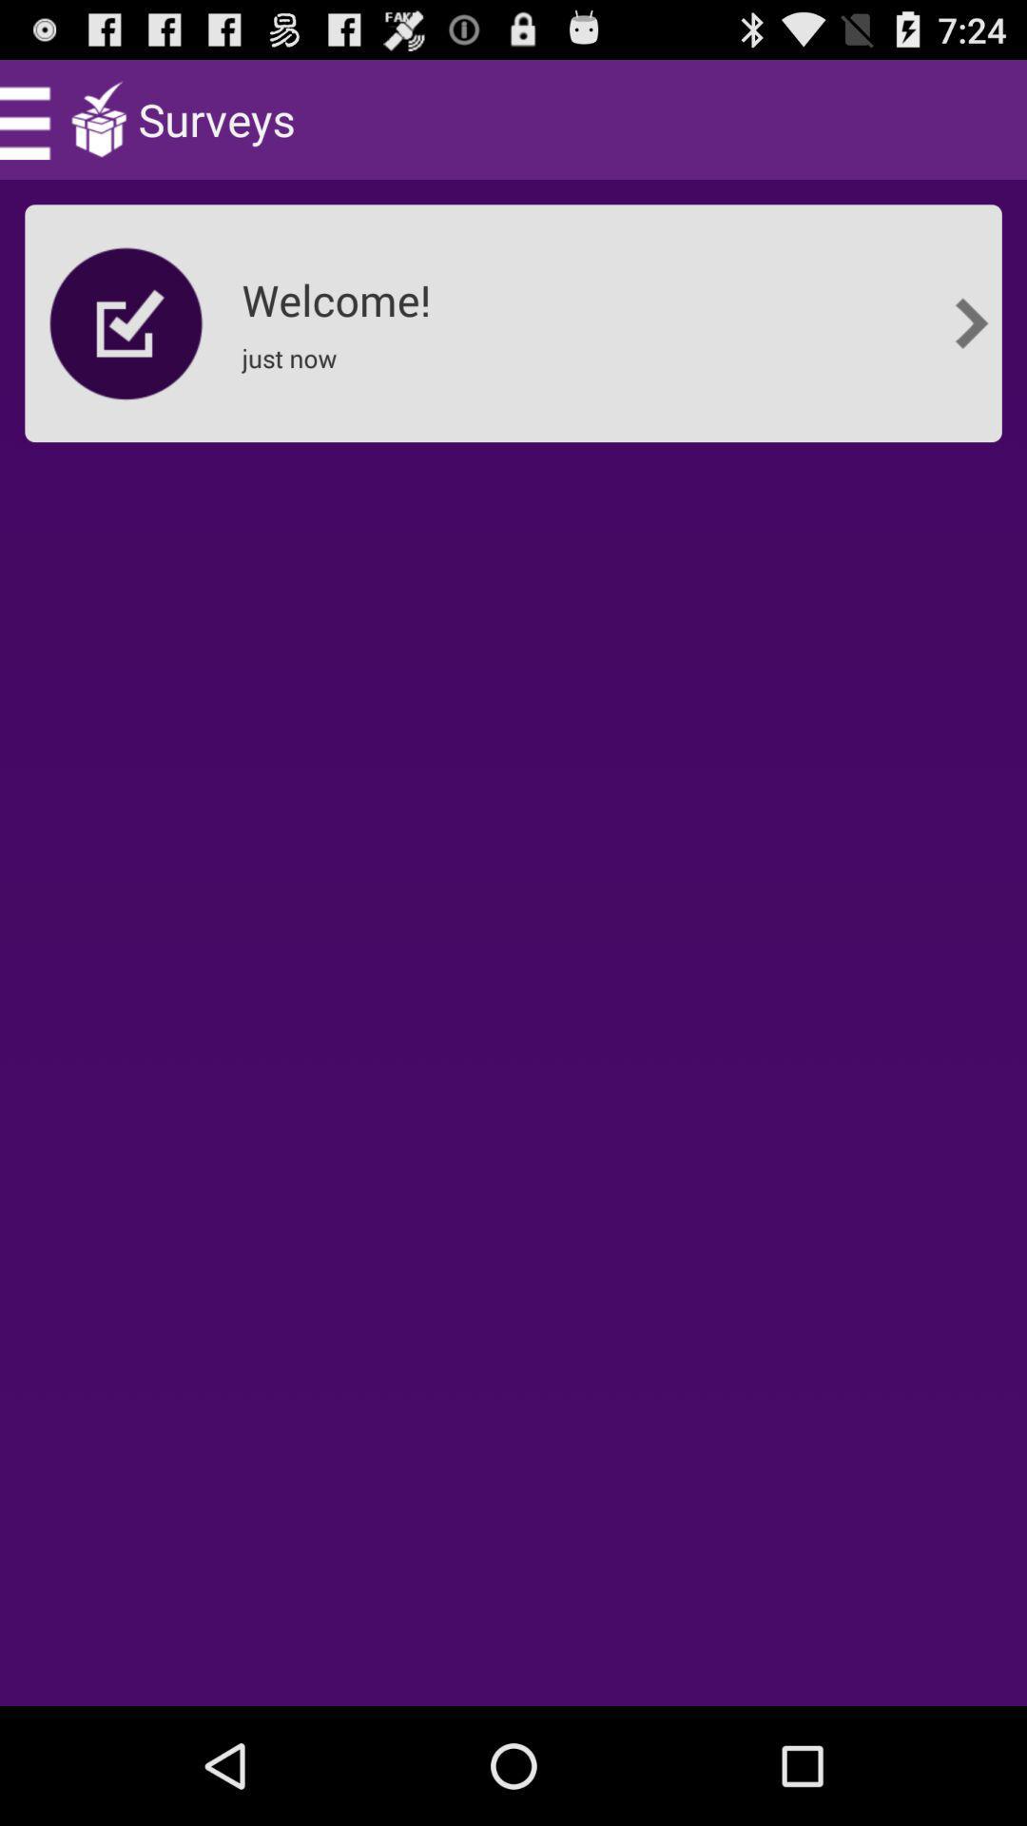  Describe the element at coordinates (340, 293) in the screenshot. I see `welcome! item` at that location.